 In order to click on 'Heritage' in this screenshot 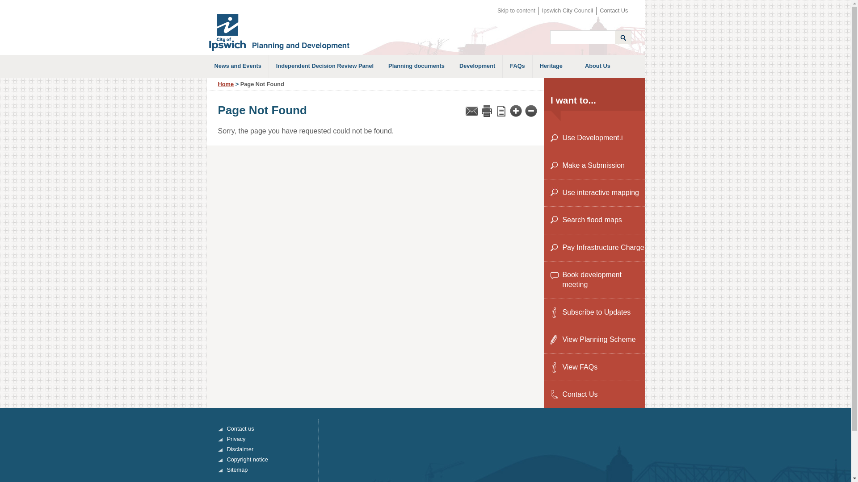, I will do `click(551, 66)`.